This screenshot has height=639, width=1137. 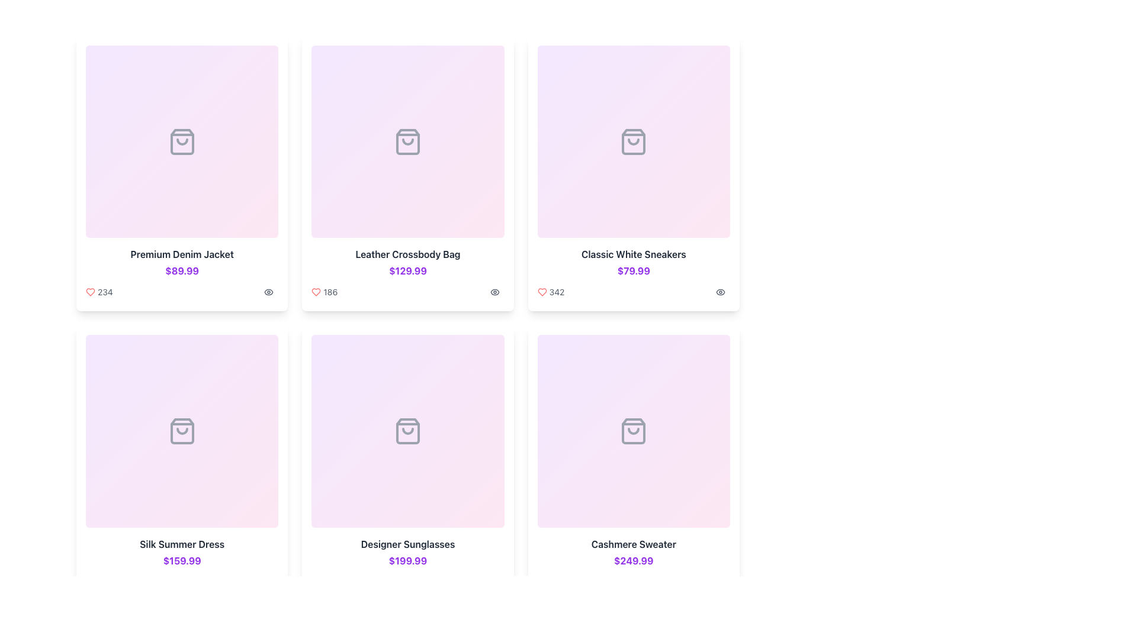 What do you see at coordinates (407, 141) in the screenshot?
I see `the curved line component of the shopping bag icon which is part of the 'Leather Crossbody Bag' section` at bounding box center [407, 141].